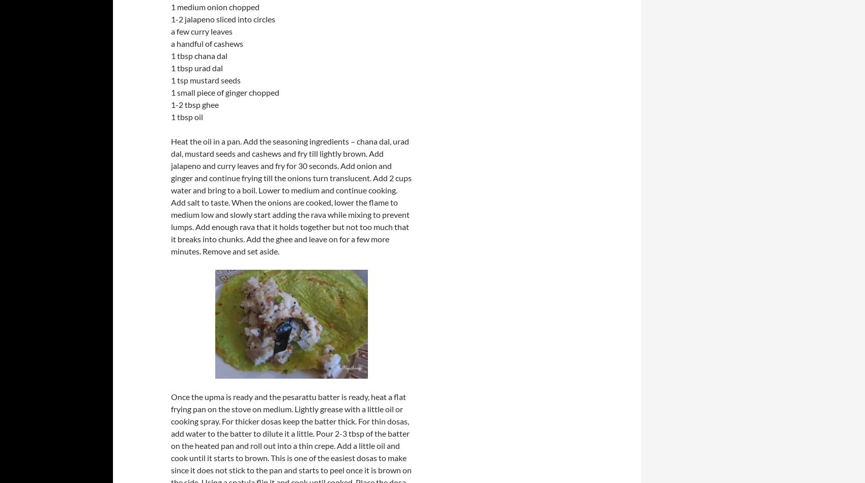 The width and height of the screenshot is (865, 483). What do you see at coordinates (206, 43) in the screenshot?
I see `'a handful of cashews'` at bounding box center [206, 43].